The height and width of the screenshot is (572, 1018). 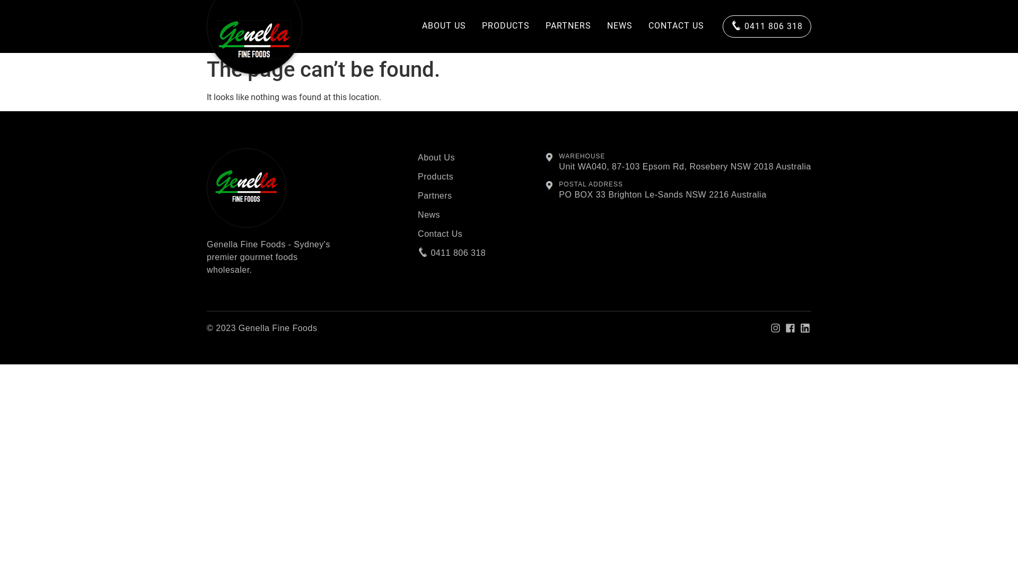 What do you see at coordinates (414, 26) in the screenshot?
I see `'ABOUT US'` at bounding box center [414, 26].